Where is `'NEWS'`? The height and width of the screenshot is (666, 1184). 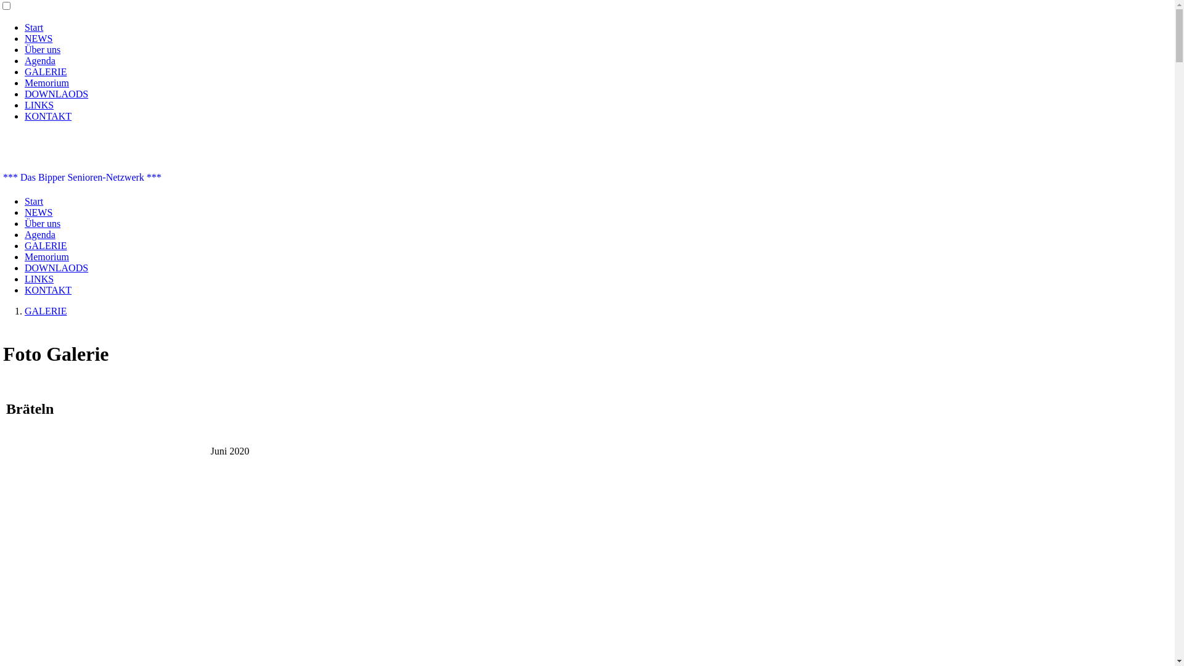
'NEWS' is located at coordinates (38, 212).